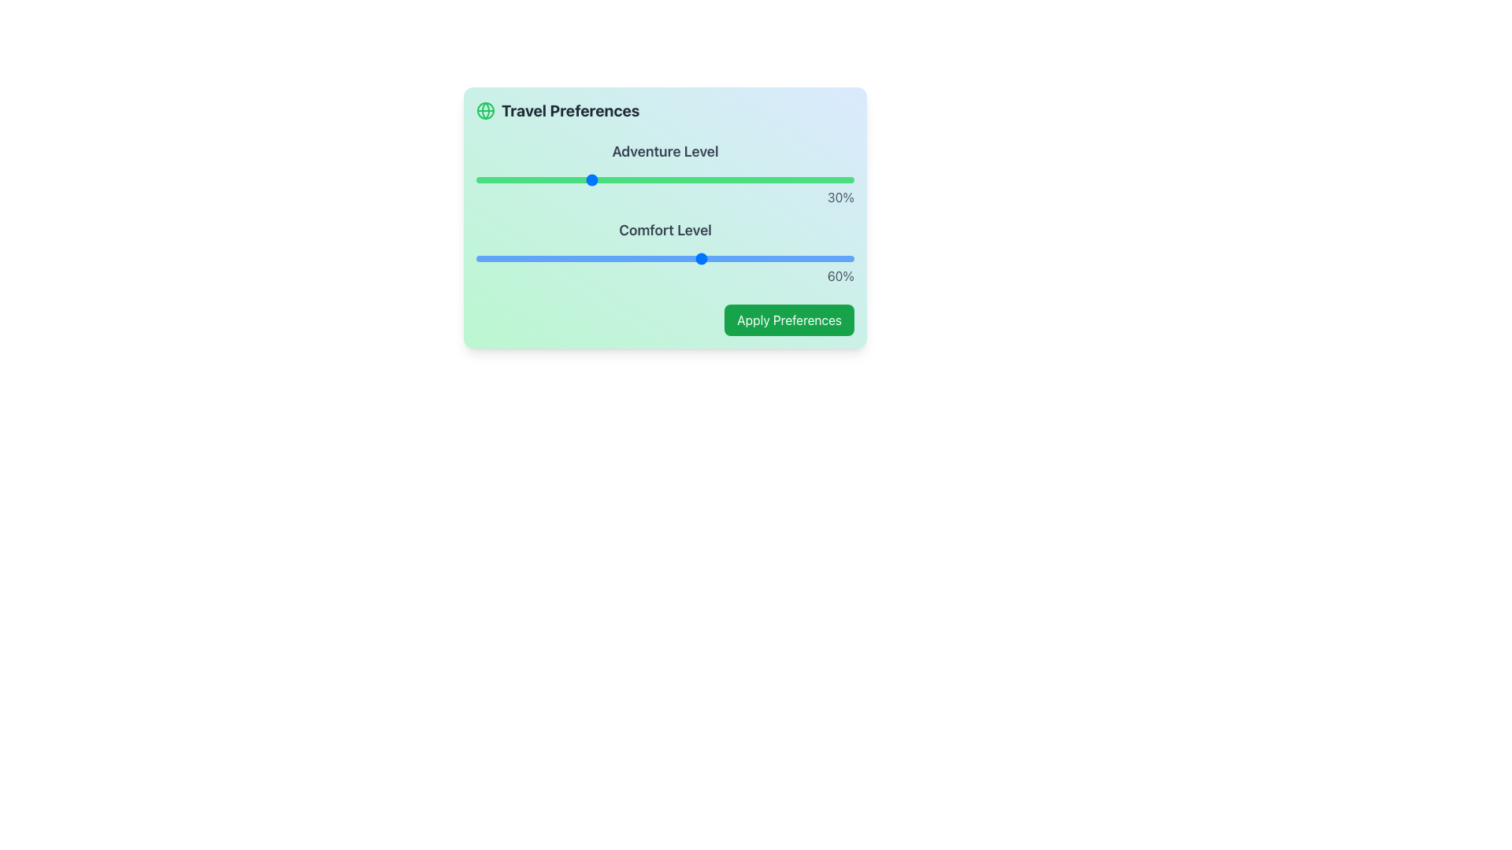 The image size is (1512, 850). I want to click on the curving line within the globe icon located to the left of the 'Travel Preferences' text at the top left section of the interface, so click(485, 110).